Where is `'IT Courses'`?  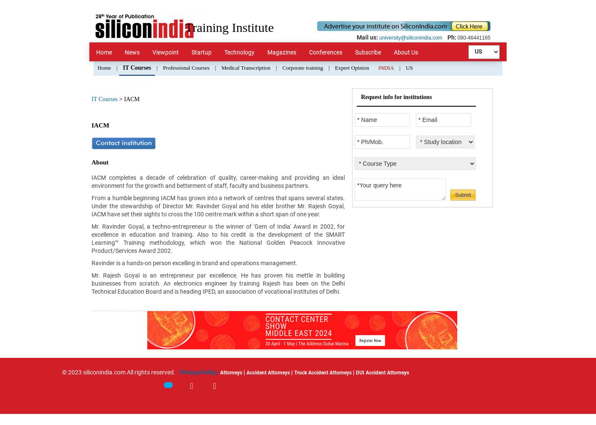
'IT Courses' is located at coordinates (122, 68).